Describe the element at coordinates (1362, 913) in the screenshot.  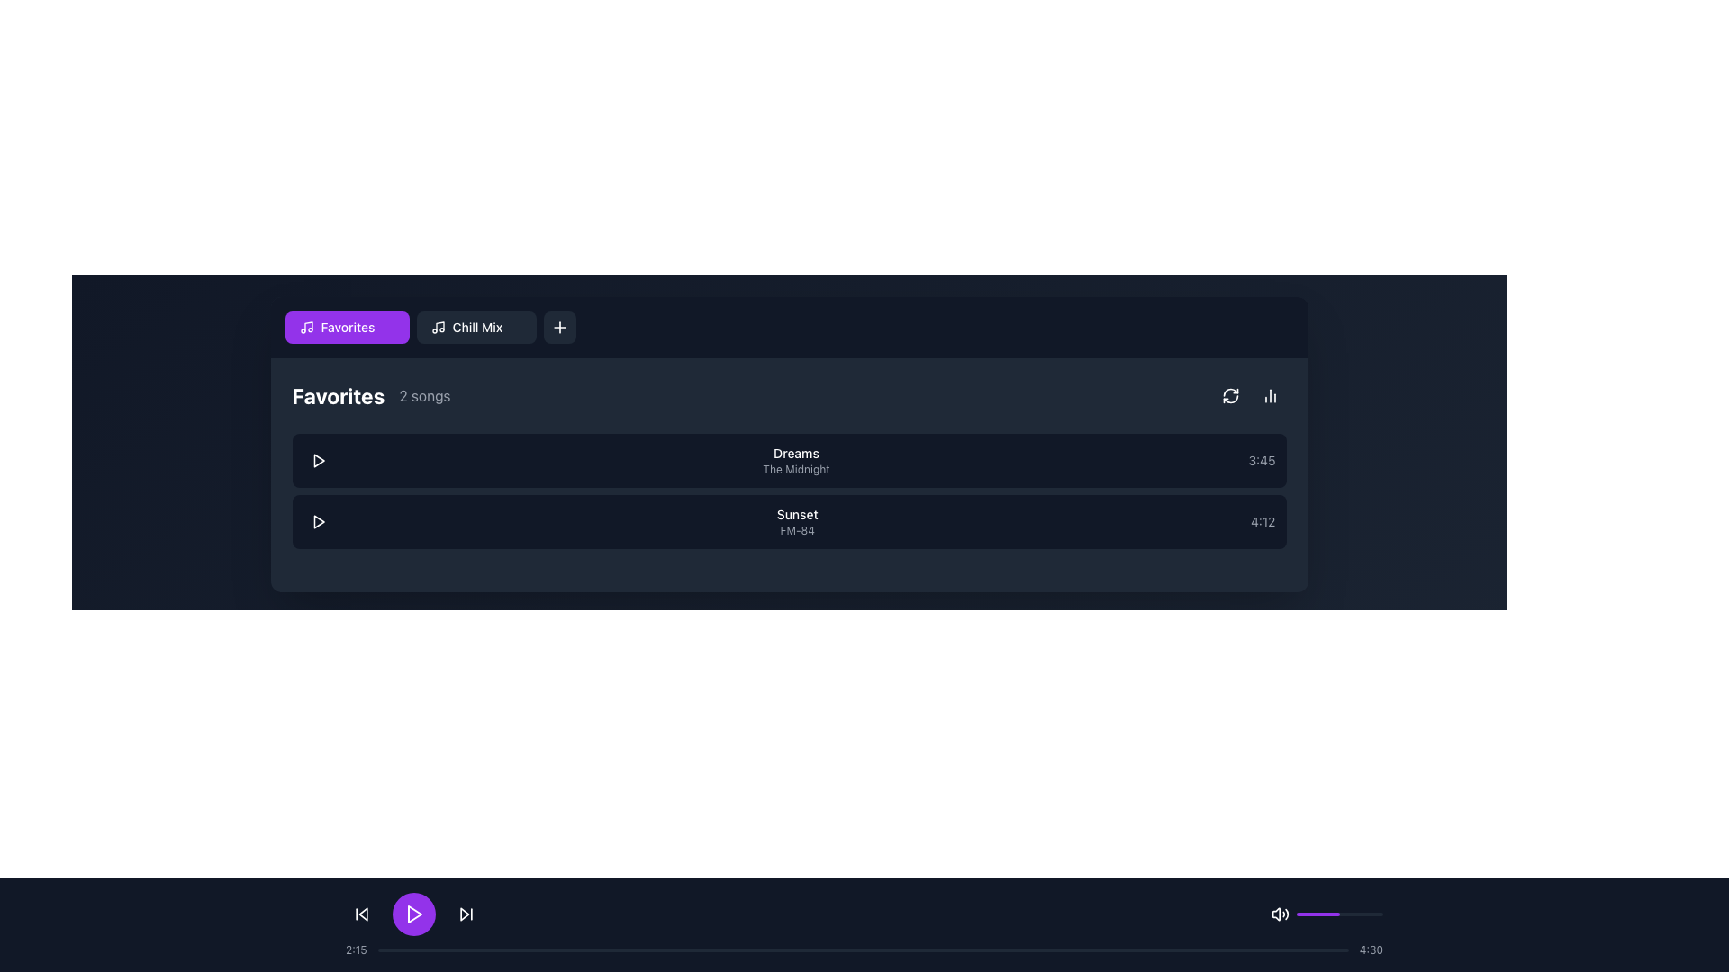
I see `slider position` at that location.